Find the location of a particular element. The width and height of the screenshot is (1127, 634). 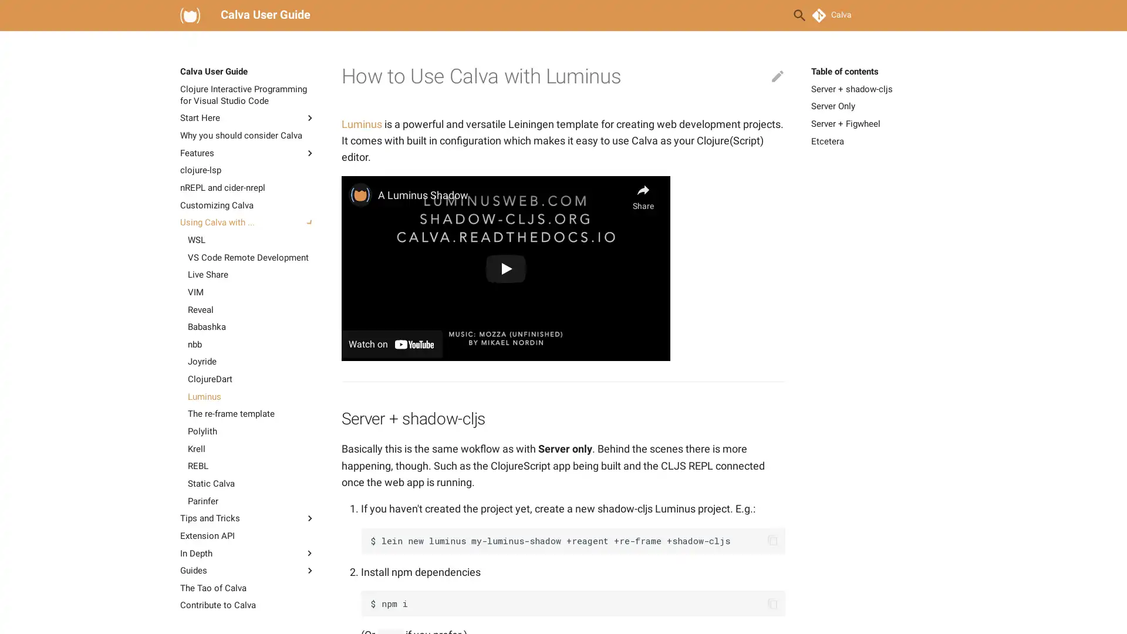

Copy to clipboard is located at coordinates (772, 603).